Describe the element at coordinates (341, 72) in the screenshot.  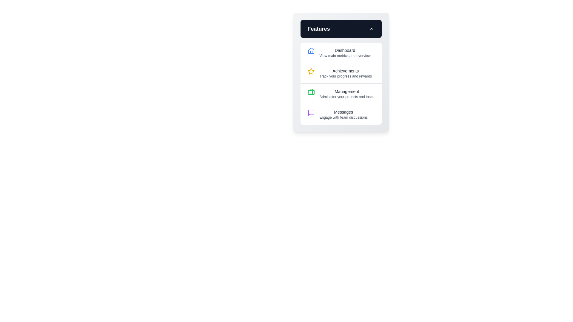
I see `the Menu widget` at that location.